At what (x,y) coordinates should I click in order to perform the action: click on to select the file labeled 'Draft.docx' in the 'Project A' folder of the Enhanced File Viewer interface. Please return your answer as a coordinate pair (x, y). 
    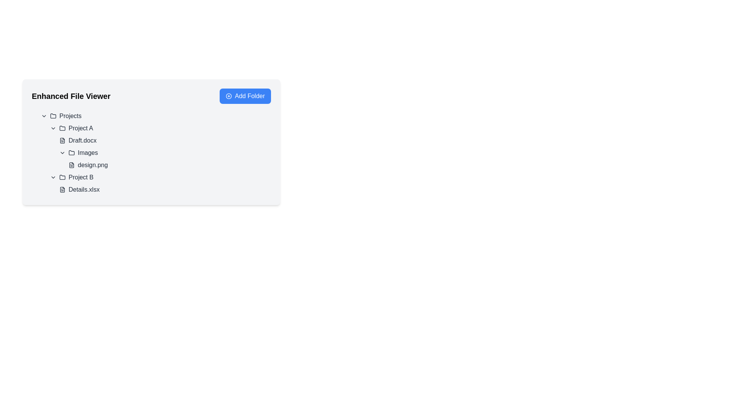
    Looking at the image, I should click on (165, 140).